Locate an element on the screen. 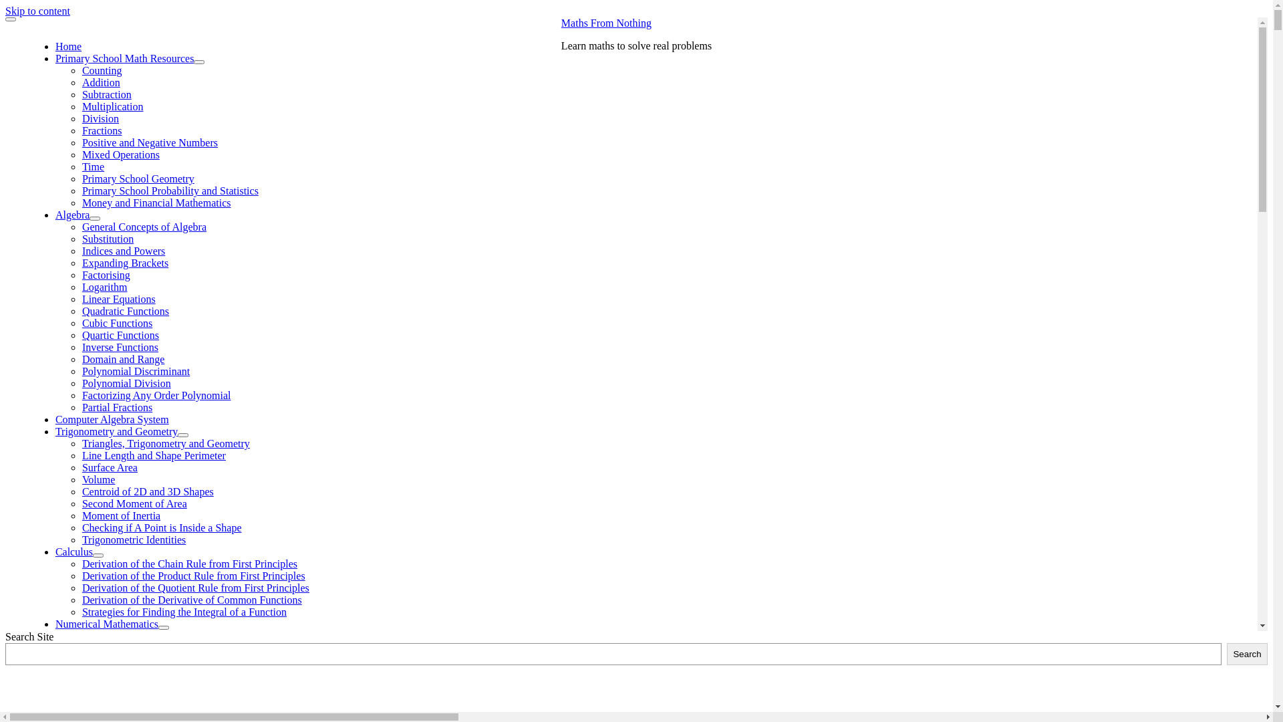 This screenshot has width=1283, height=722. 'Time' is located at coordinates (92, 166).